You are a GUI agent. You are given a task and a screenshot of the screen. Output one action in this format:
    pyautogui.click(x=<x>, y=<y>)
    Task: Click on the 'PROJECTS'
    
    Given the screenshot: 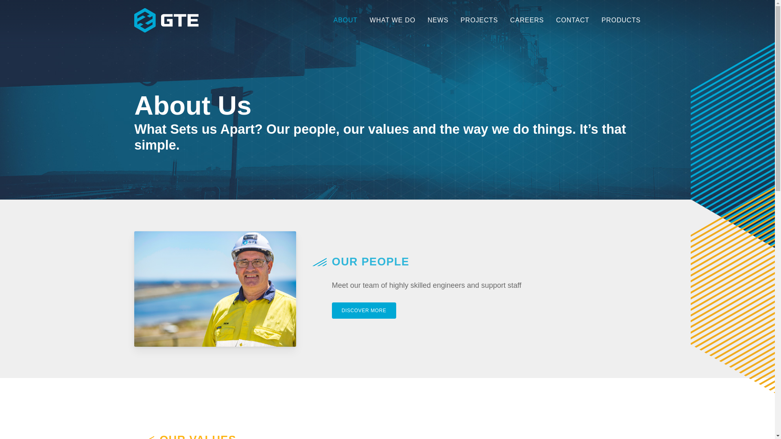 What is the action you would take?
    pyautogui.click(x=479, y=20)
    